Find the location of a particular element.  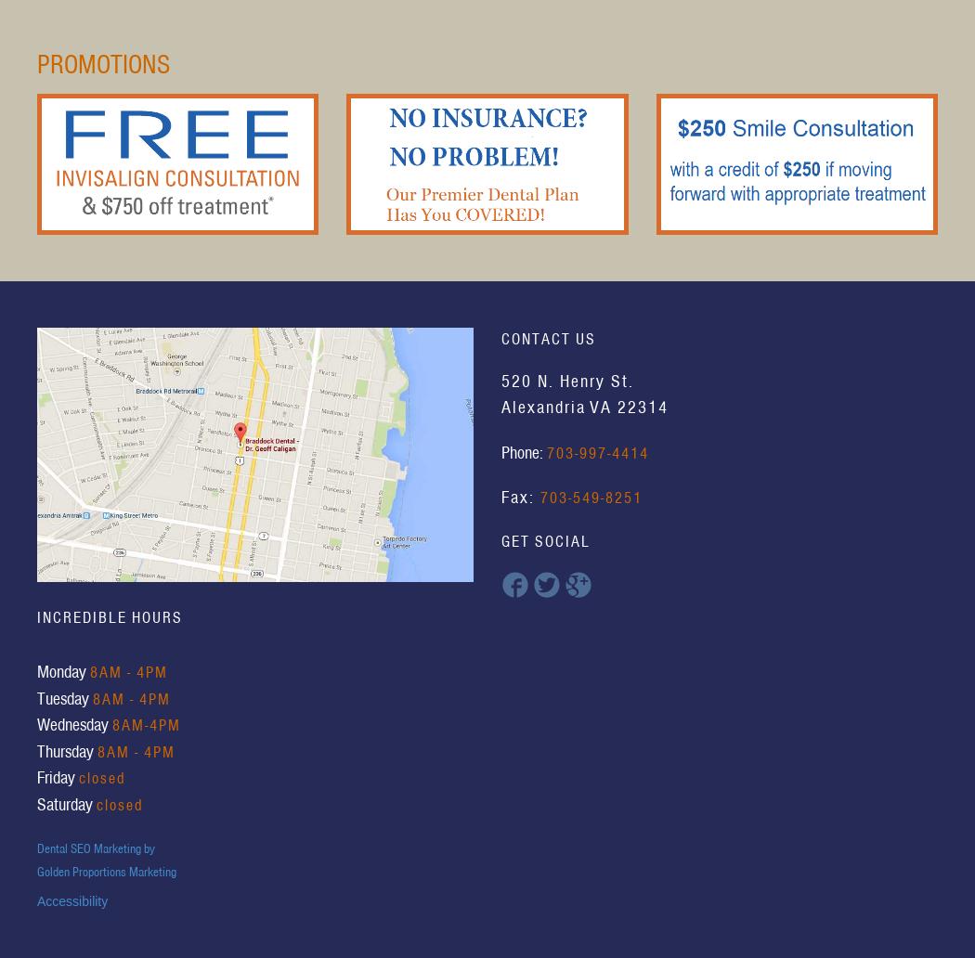

'Alexandria' is located at coordinates (542, 406).